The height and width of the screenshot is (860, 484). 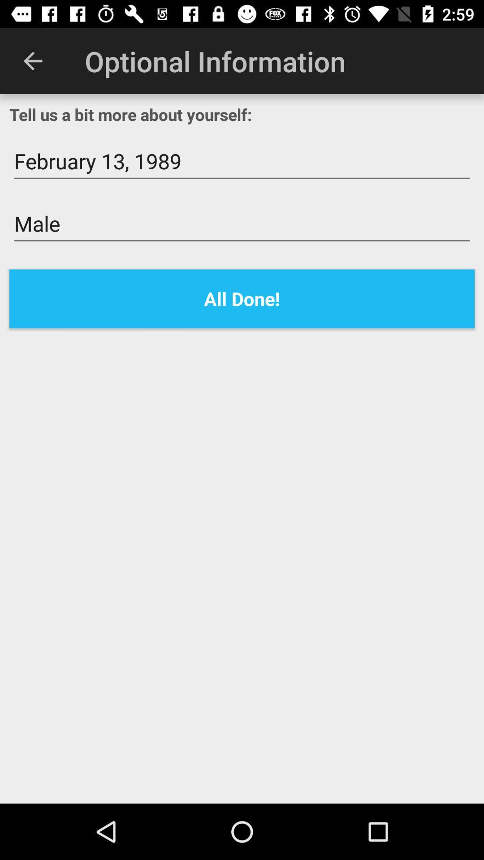 What do you see at coordinates (242, 224) in the screenshot?
I see `item above the all done!` at bounding box center [242, 224].